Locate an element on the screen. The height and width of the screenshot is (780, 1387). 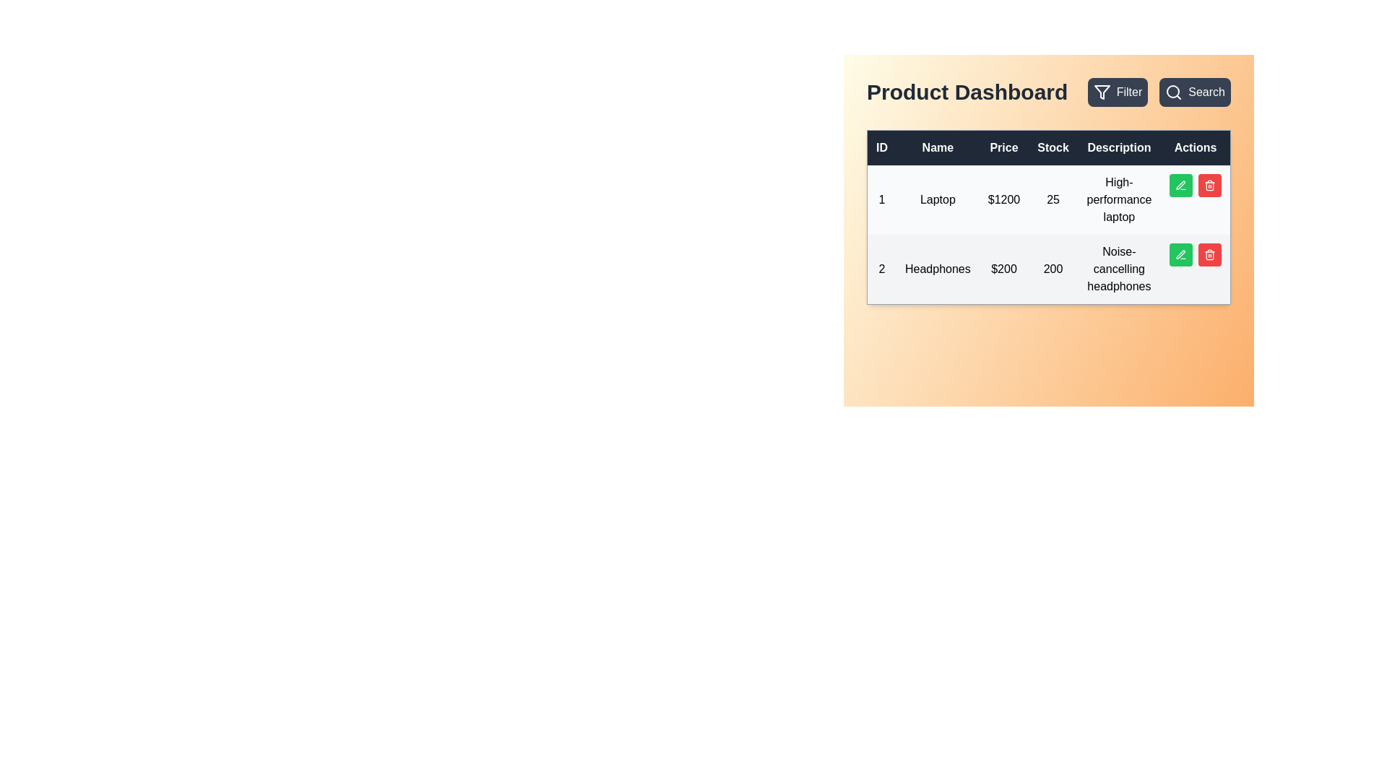
the static text element displaying 'Noise-cancelling headphones', which is the last cell in the 'Description' column of the second row in the product table is located at coordinates (1118, 269).